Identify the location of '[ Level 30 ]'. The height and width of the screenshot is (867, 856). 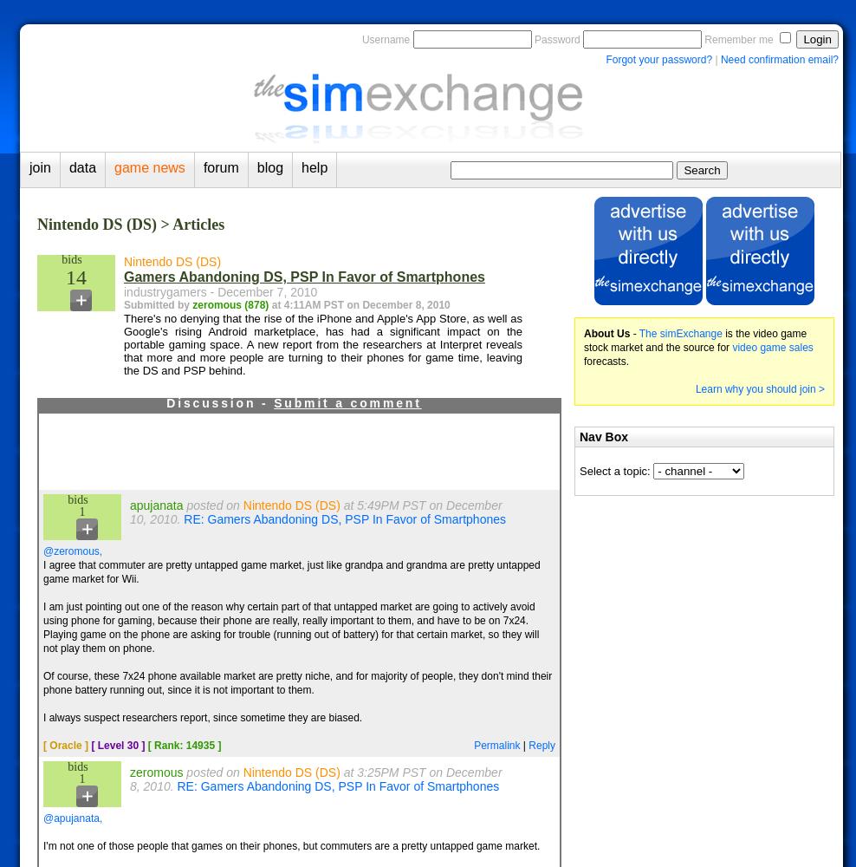
(117, 745).